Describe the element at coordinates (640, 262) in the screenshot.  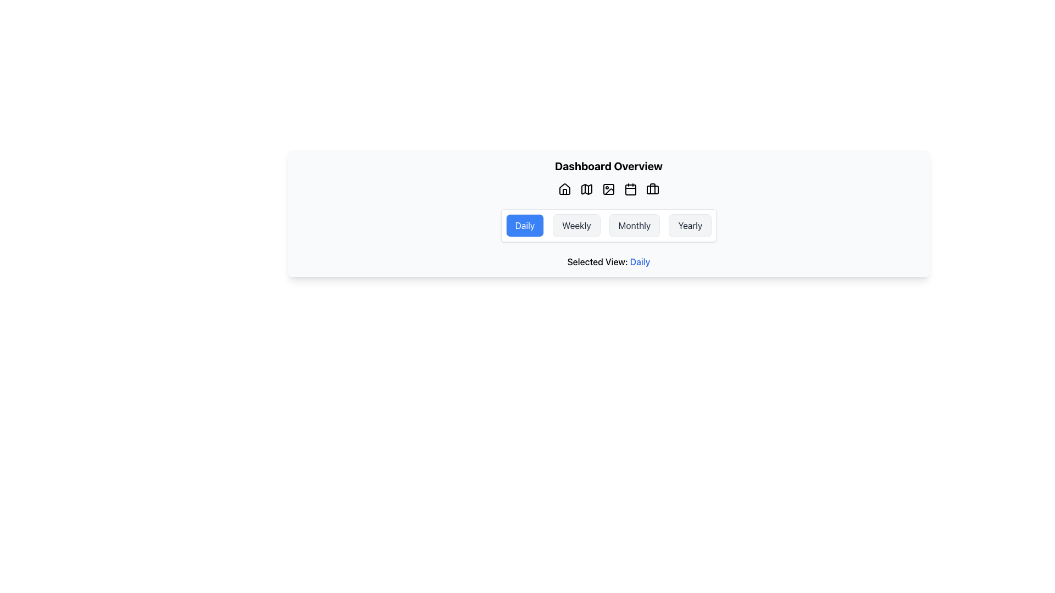
I see `the text element indicating the currently active setting for the 'Daily' view in the dashboard, which is located to the right of 'Selected View:'` at that location.